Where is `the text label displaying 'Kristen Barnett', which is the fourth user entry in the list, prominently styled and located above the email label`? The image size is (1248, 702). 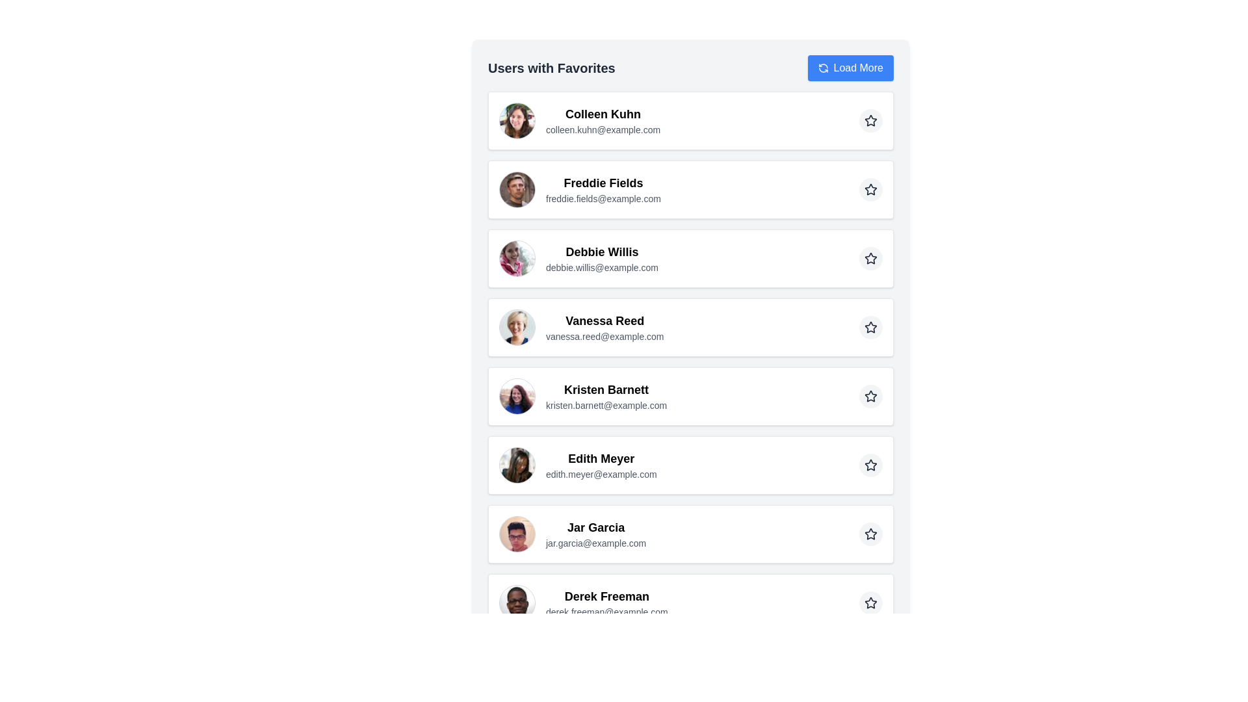 the text label displaying 'Kristen Barnett', which is the fourth user entry in the list, prominently styled and located above the email label is located at coordinates (606, 389).